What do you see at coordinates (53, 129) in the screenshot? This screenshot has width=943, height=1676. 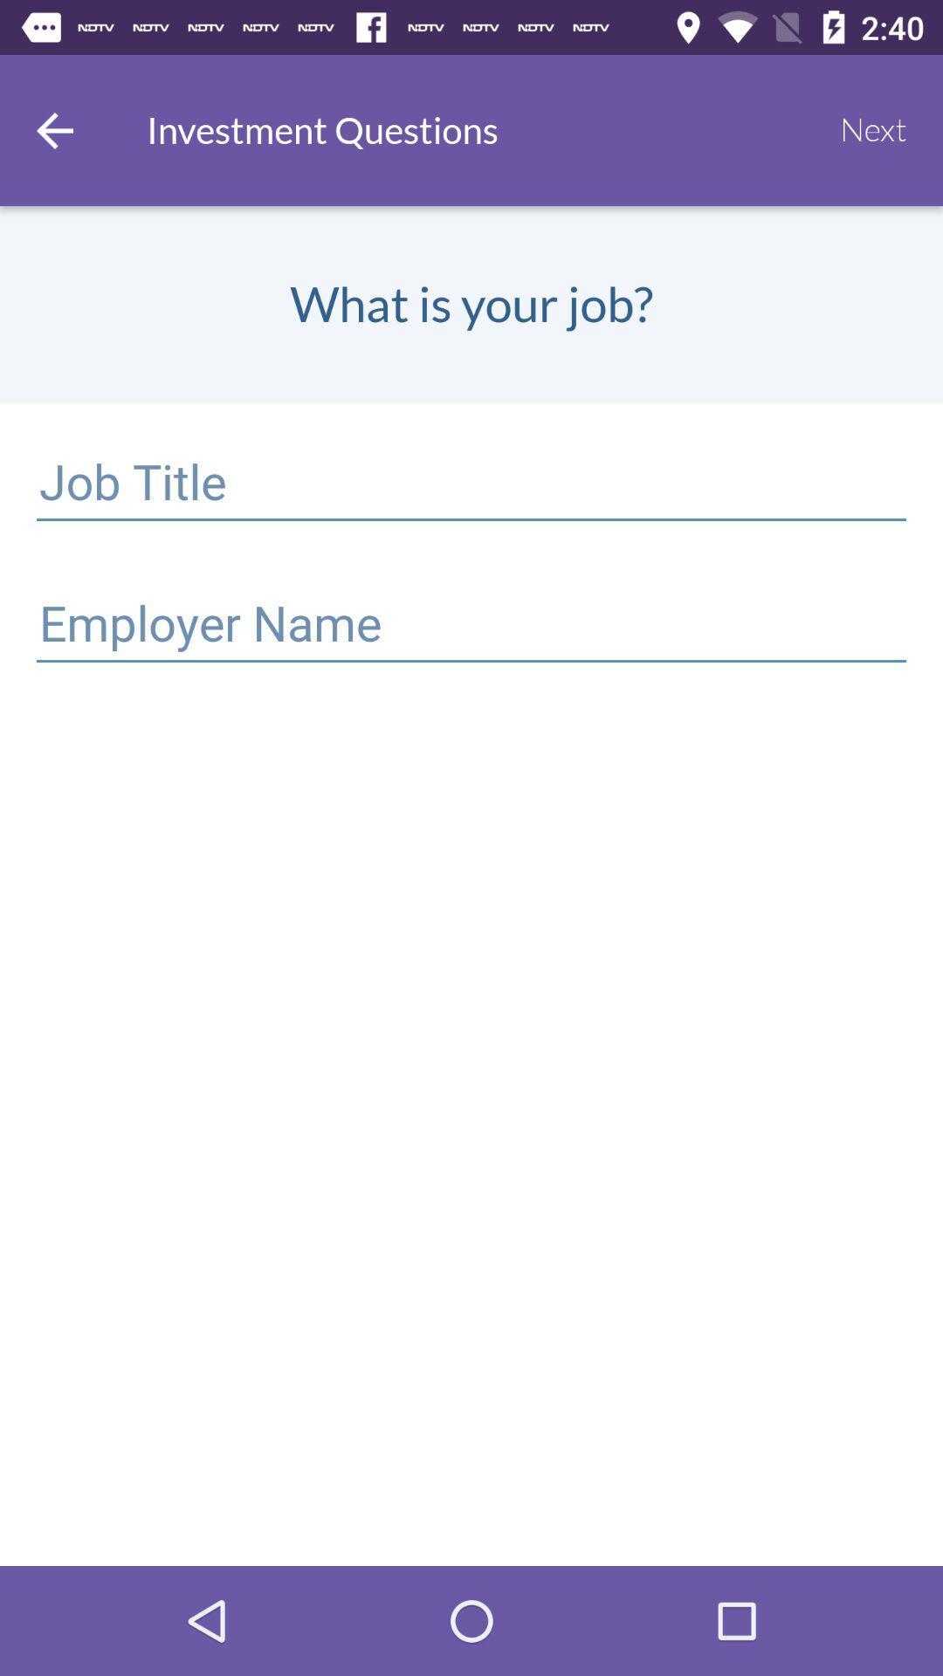 I see `go back` at bounding box center [53, 129].